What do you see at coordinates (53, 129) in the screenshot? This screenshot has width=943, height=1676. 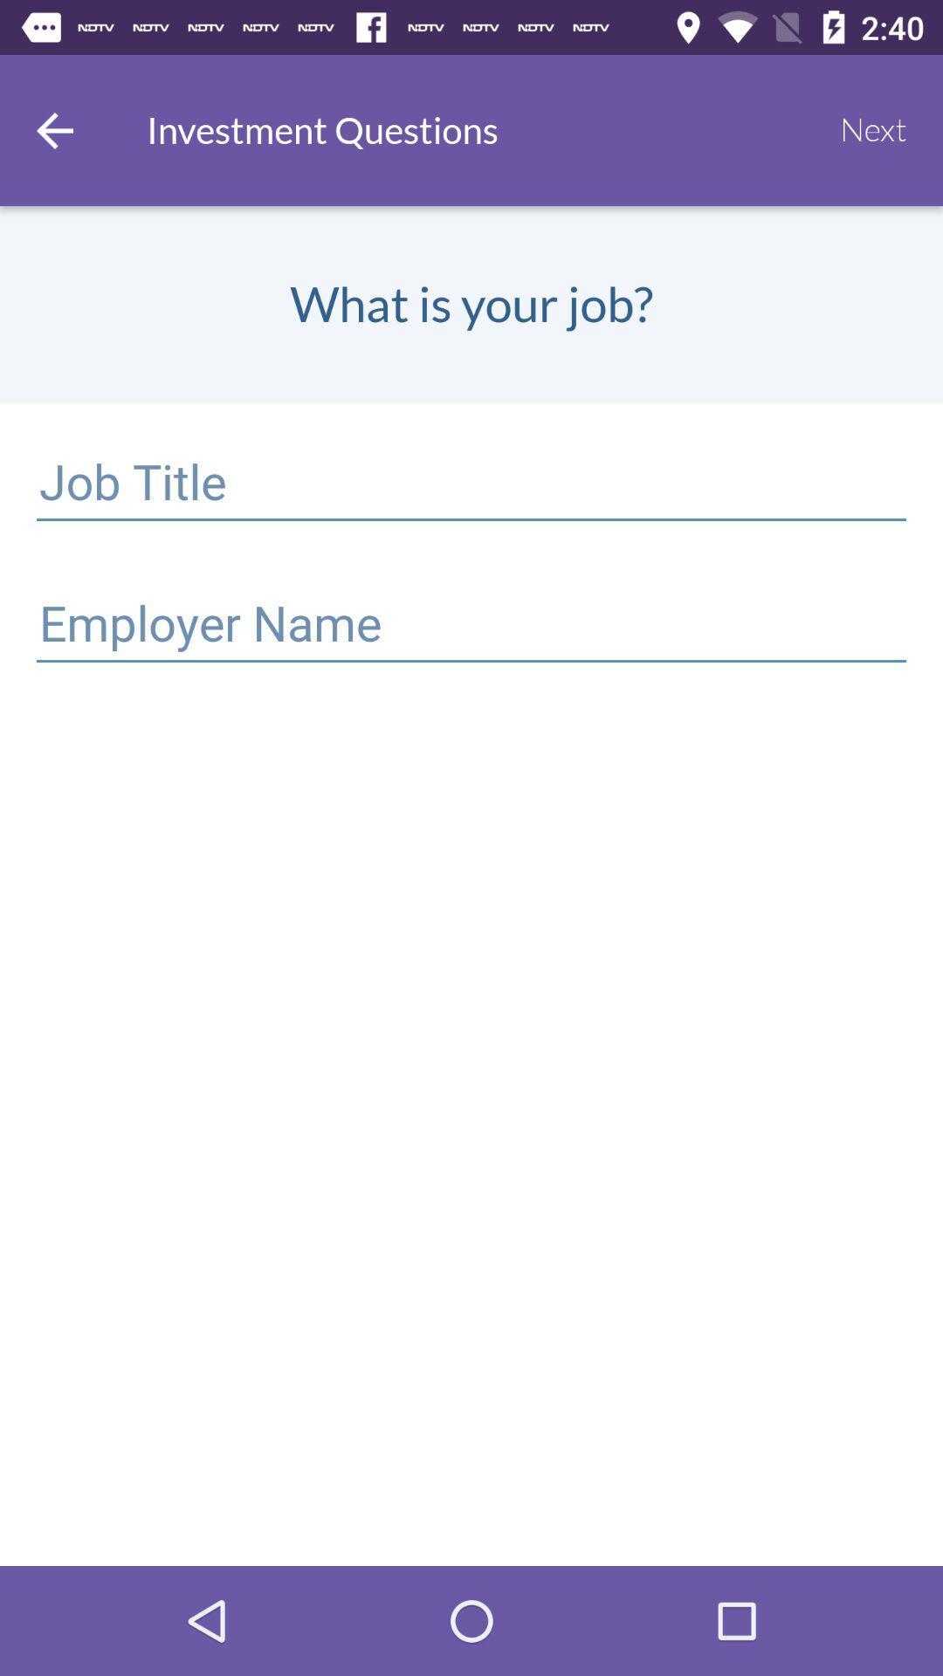 I see `go back` at bounding box center [53, 129].